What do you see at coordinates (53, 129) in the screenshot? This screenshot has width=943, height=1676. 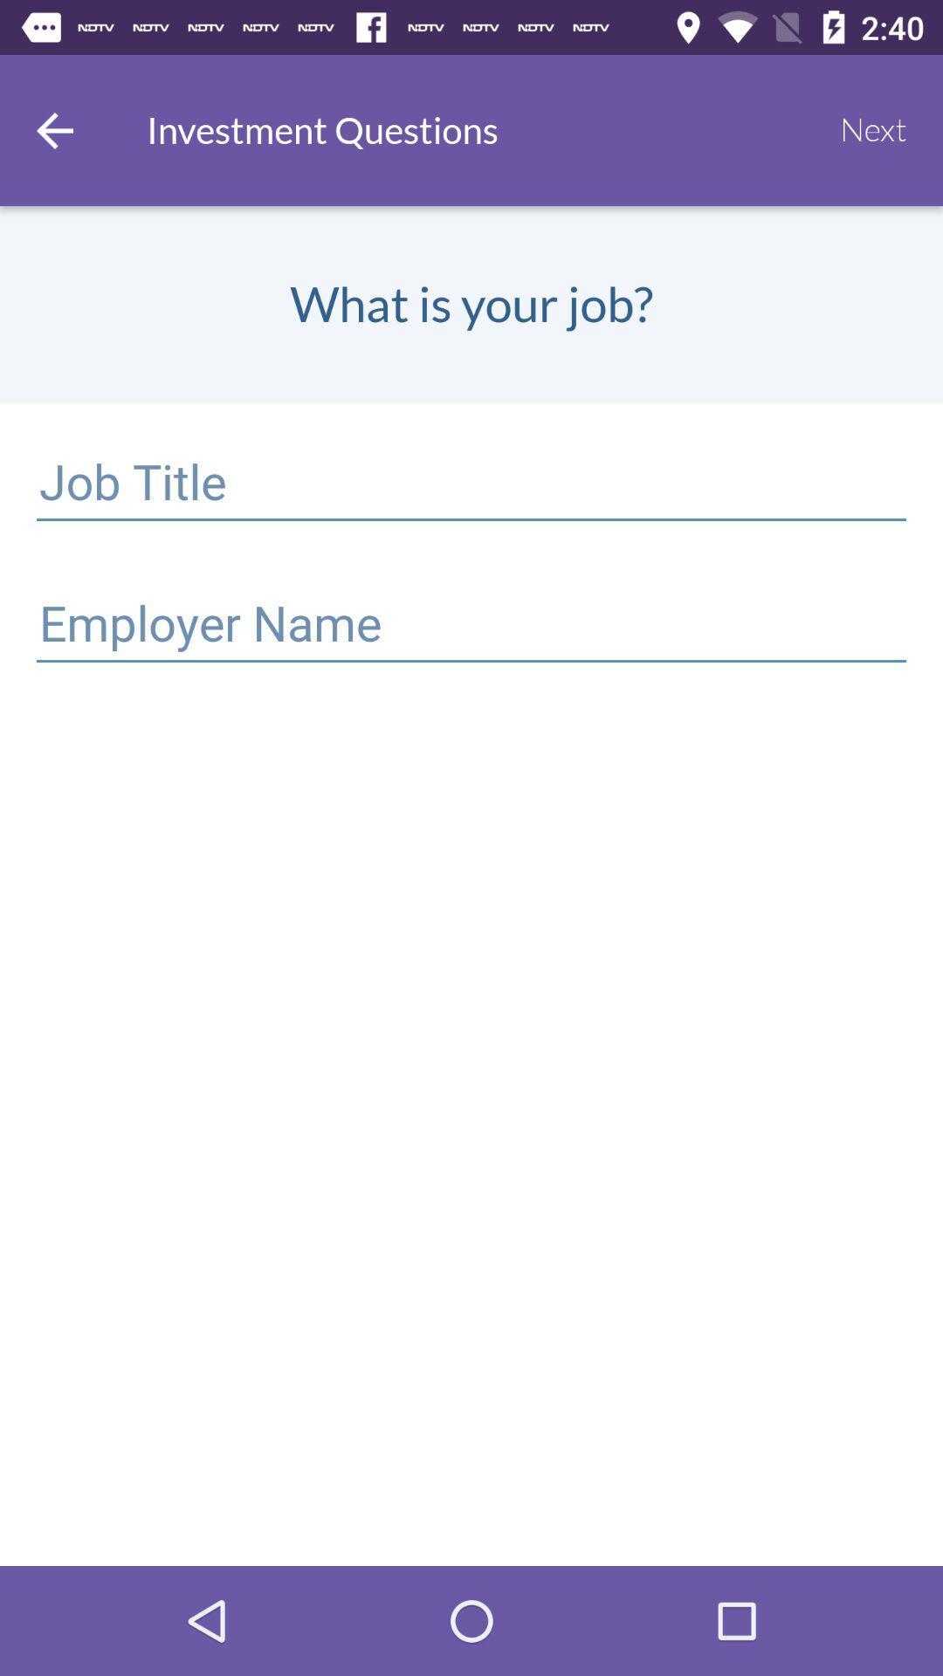 I see `go back` at bounding box center [53, 129].